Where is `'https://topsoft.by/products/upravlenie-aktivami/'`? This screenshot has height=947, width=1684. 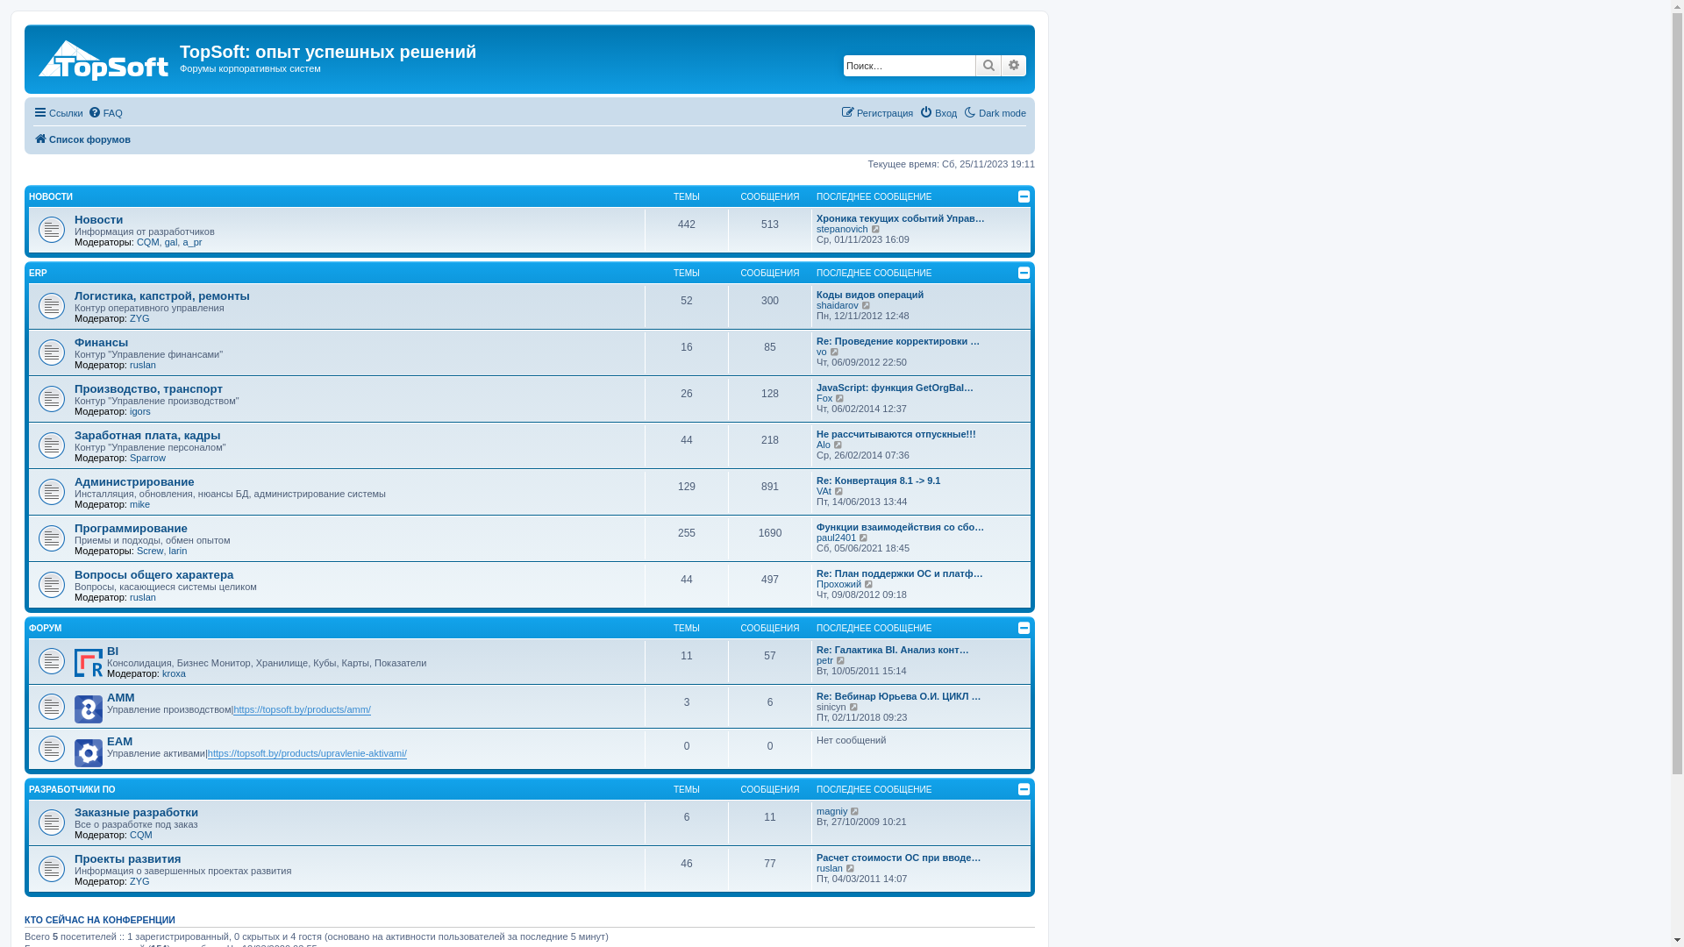 'https://topsoft.by/products/upravlenie-aktivami/' is located at coordinates (307, 752).